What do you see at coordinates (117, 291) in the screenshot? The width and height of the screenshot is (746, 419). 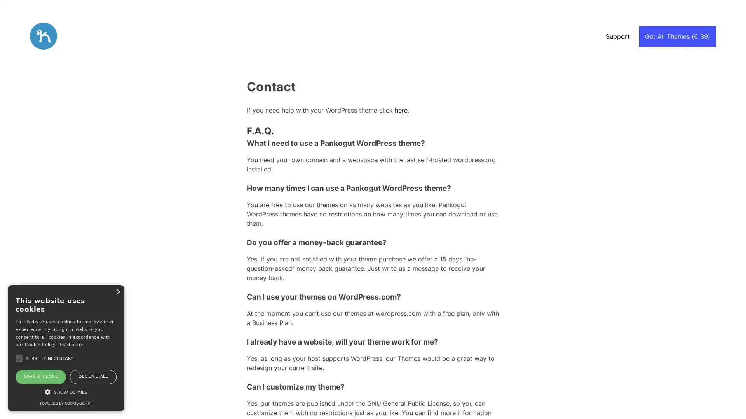 I see `Close` at bounding box center [117, 291].